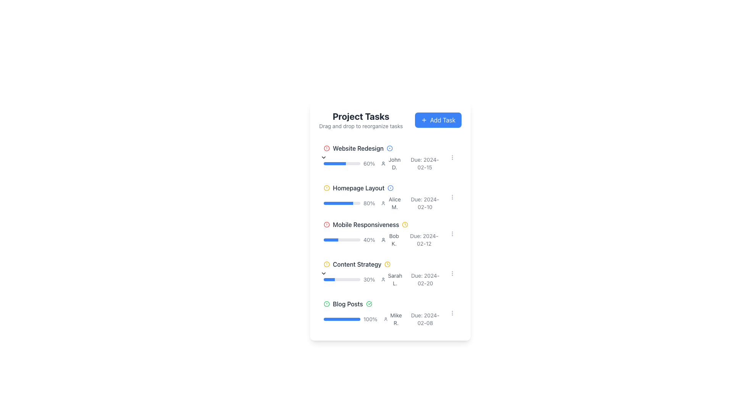 The image size is (733, 412). Describe the element at coordinates (342, 203) in the screenshot. I see `the Progress Bar representing the 'Homepage Layout' task, which visually indicates progress with a textual percentage value ('80%') to its right` at that location.